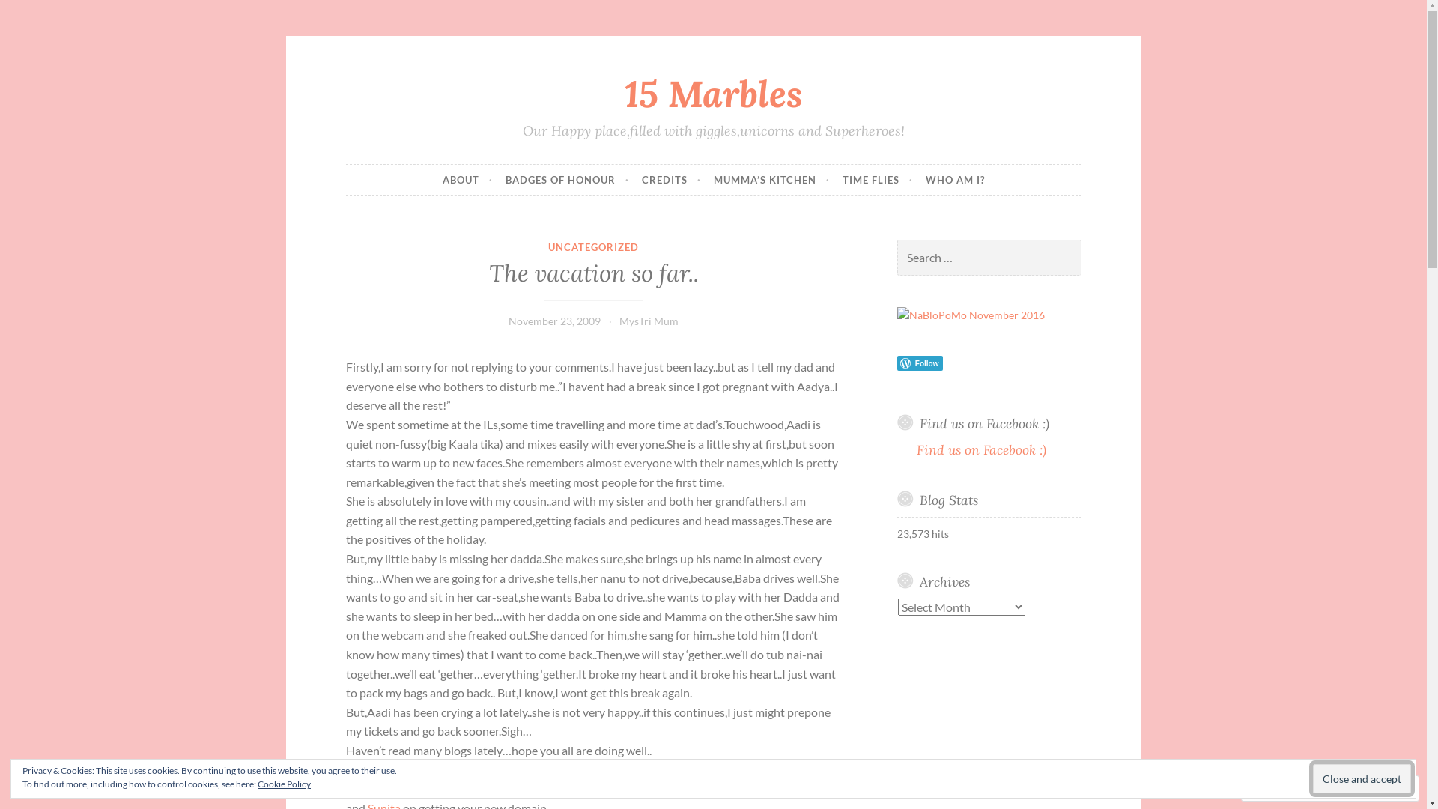  Describe the element at coordinates (925, 178) in the screenshot. I see `'WHO AM I?'` at that location.